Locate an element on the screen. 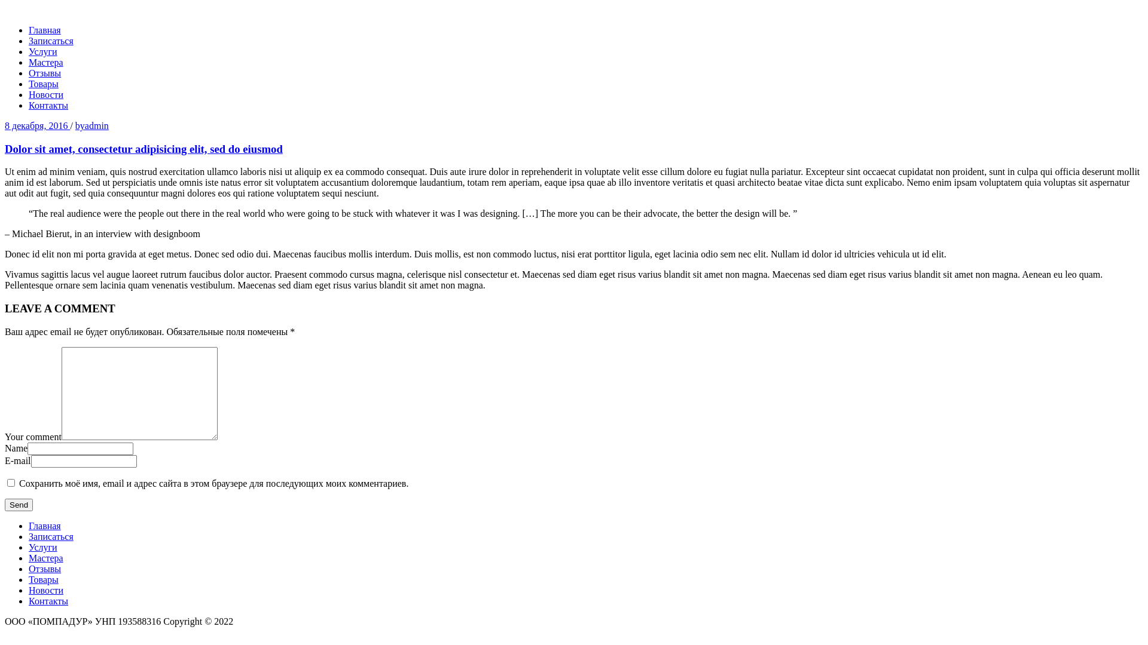 Image resolution: width=1148 pixels, height=645 pixels. 'Send' is located at coordinates (19, 505).